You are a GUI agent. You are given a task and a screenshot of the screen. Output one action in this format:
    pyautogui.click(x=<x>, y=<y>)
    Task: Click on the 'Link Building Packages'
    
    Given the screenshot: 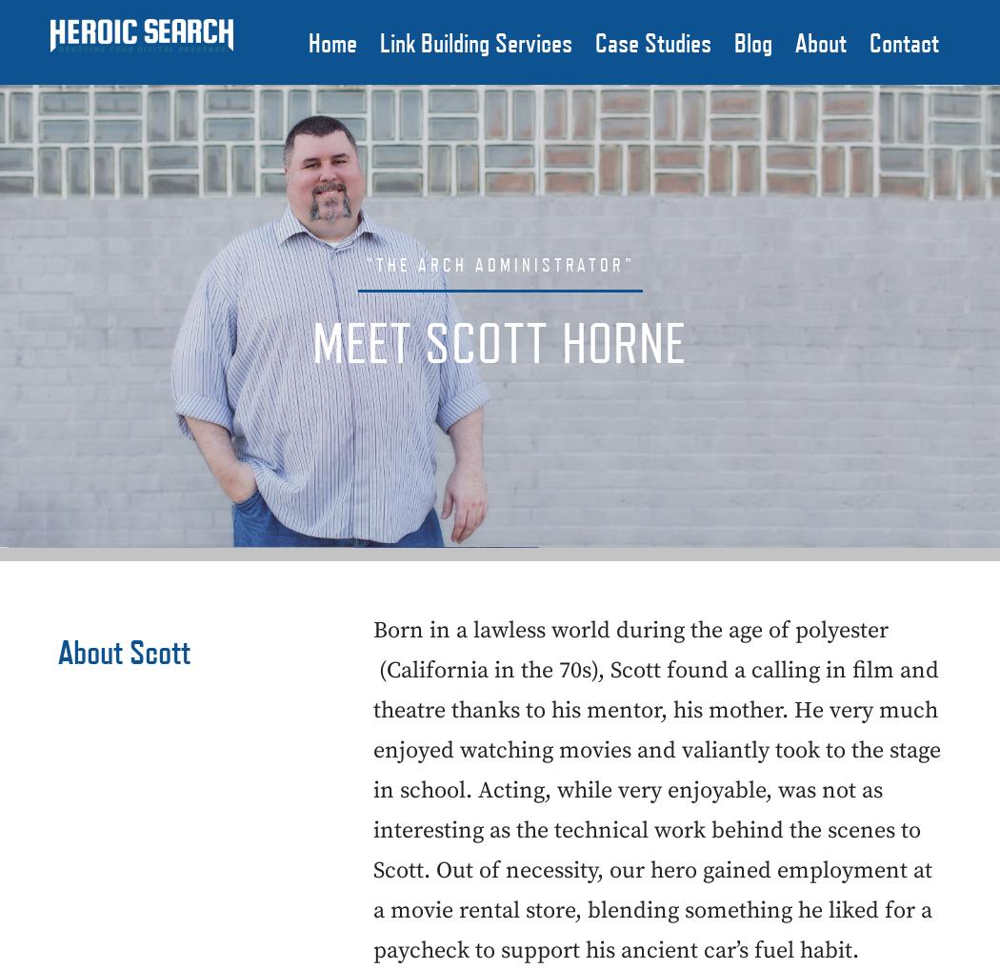 What is the action you would take?
    pyautogui.click(x=480, y=93)
    